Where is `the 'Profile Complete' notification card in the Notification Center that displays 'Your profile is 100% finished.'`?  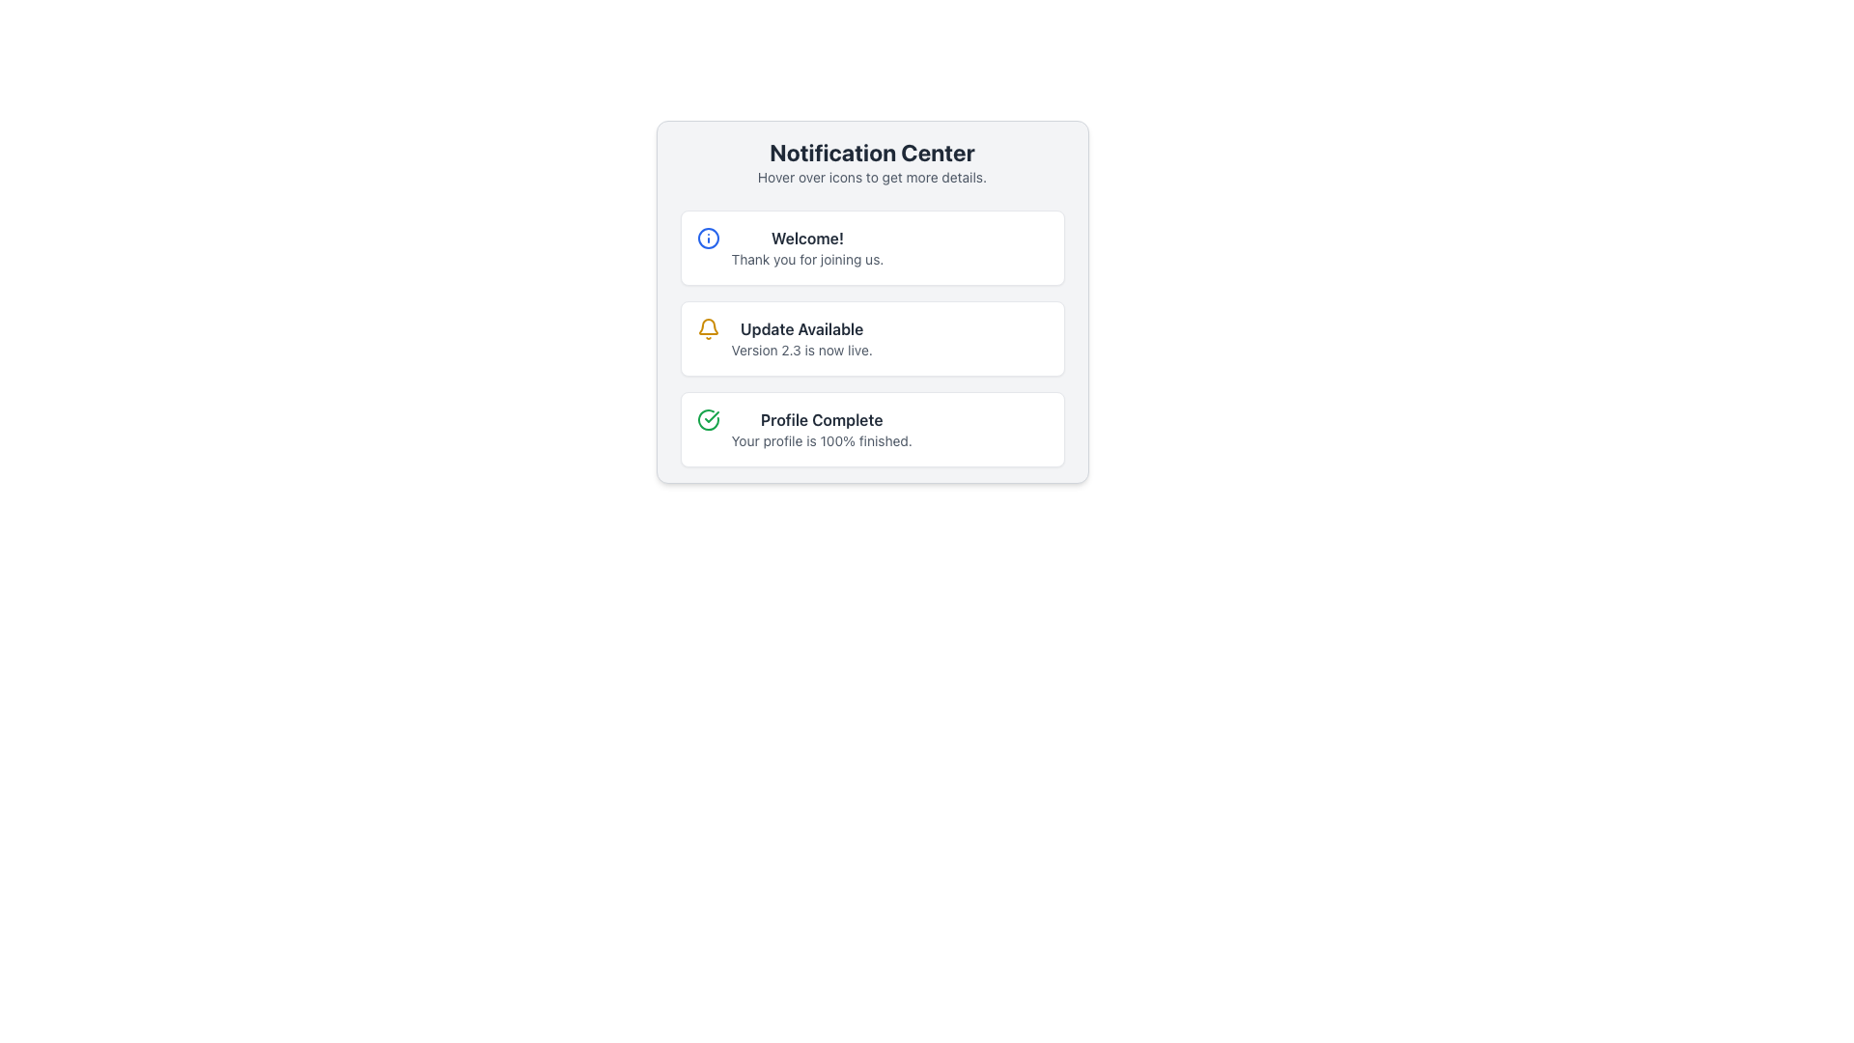
the 'Profile Complete' notification card in the Notification Center that displays 'Your profile is 100% finished.' is located at coordinates (822, 428).